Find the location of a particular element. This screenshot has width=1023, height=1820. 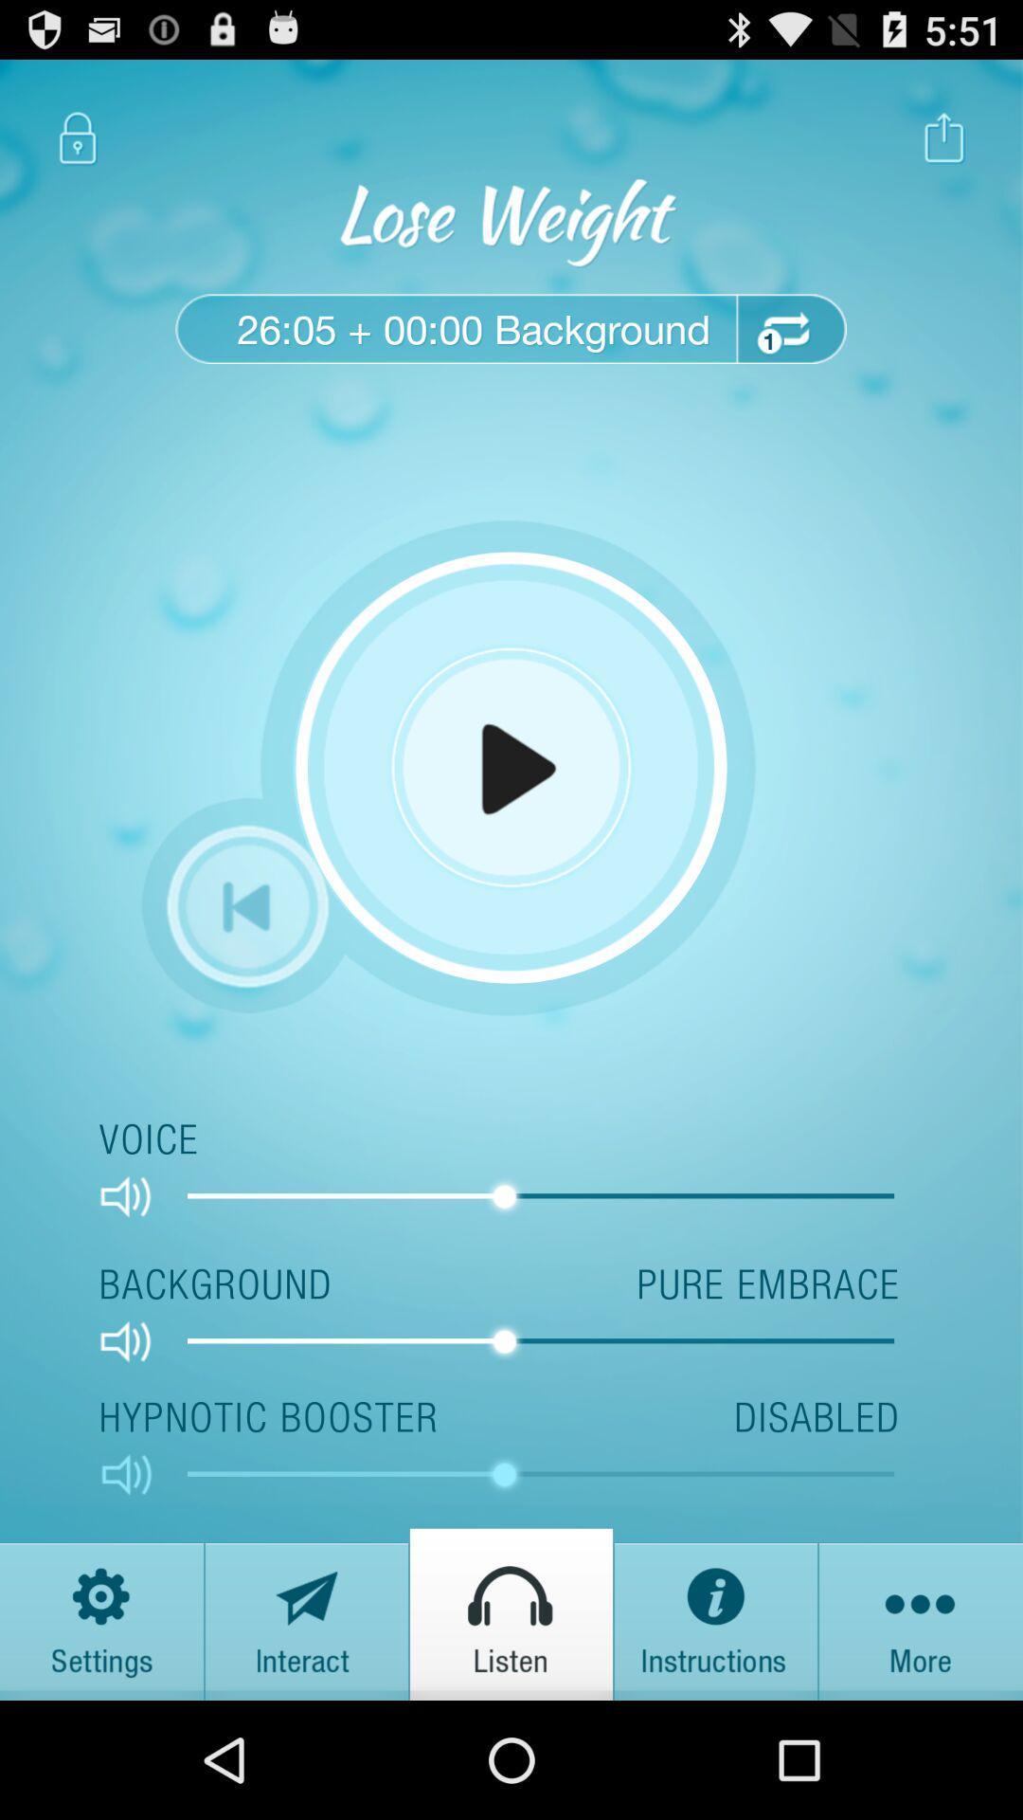

the launch icon is located at coordinates (944, 147).